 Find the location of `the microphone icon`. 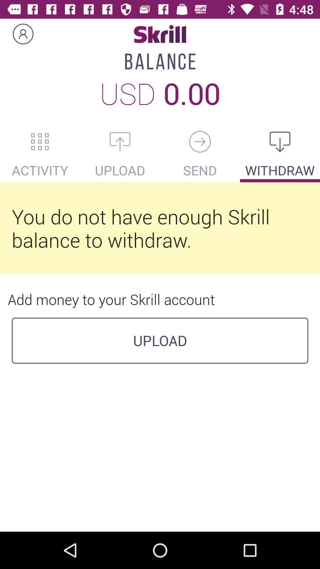

the microphone icon is located at coordinates (200, 141).